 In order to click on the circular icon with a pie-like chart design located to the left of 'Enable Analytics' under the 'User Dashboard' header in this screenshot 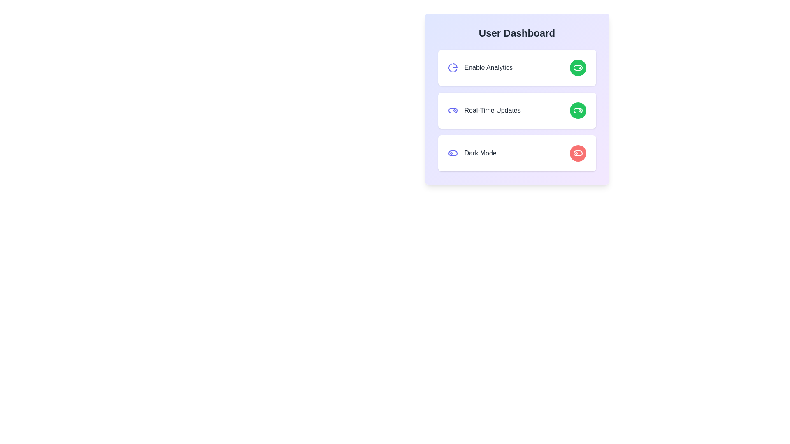, I will do `click(452, 67)`.